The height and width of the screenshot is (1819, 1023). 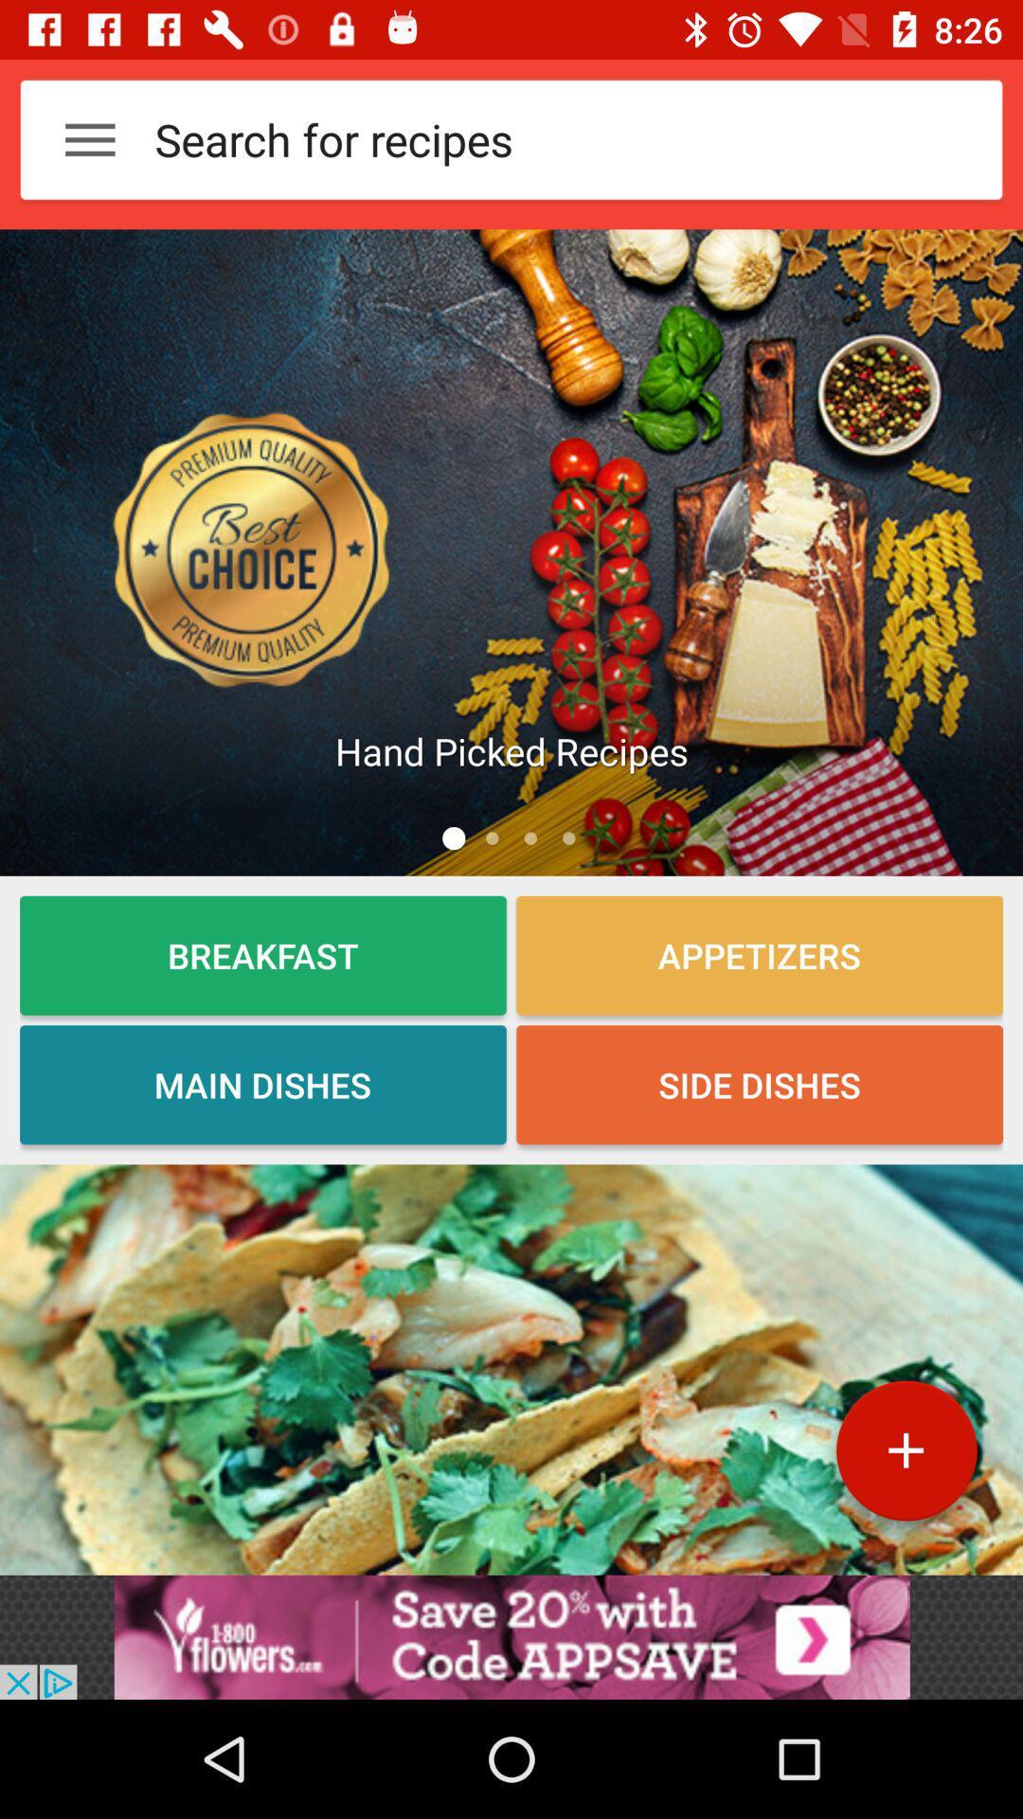 What do you see at coordinates (905, 1457) in the screenshot?
I see `the  icon at the bottom right corner of the web page` at bounding box center [905, 1457].